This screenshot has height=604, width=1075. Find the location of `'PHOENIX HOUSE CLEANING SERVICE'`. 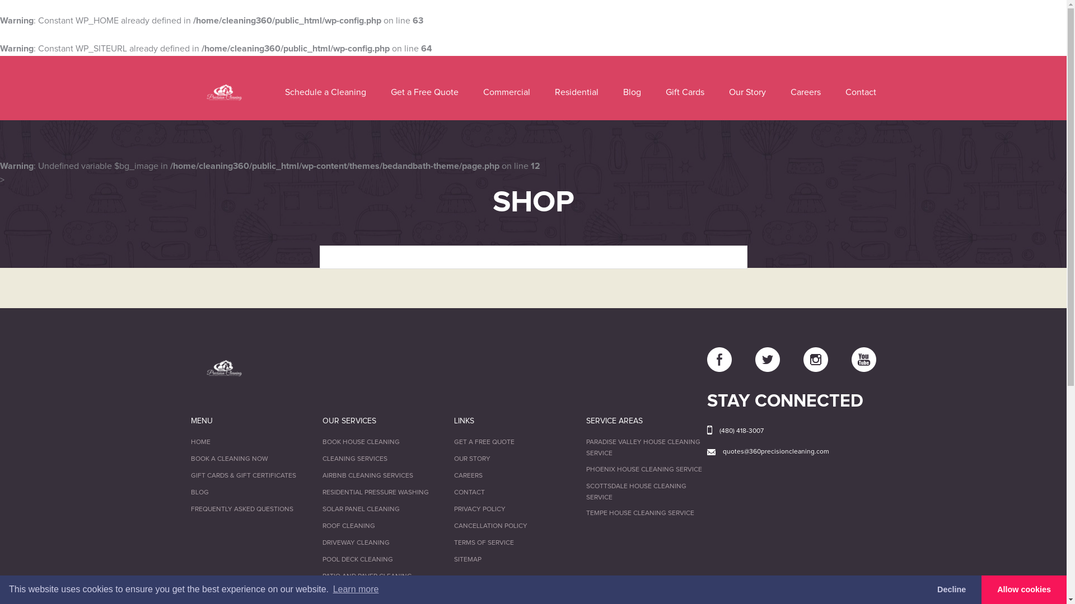

'PHOENIX HOUSE CLEANING SERVICE' is located at coordinates (585, 470).